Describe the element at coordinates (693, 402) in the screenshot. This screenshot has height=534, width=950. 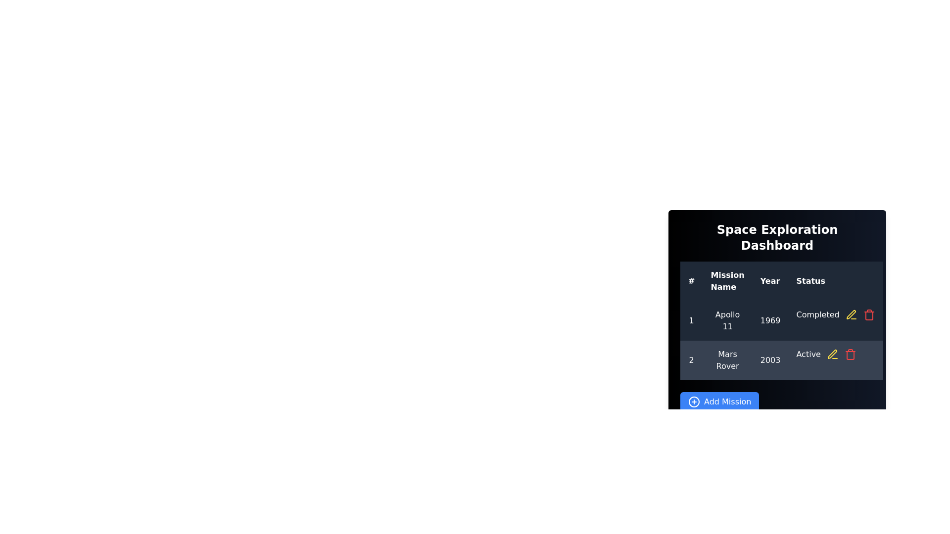
I see `the circular plus icon centered within the blue 'Add Mission' button` at that location.